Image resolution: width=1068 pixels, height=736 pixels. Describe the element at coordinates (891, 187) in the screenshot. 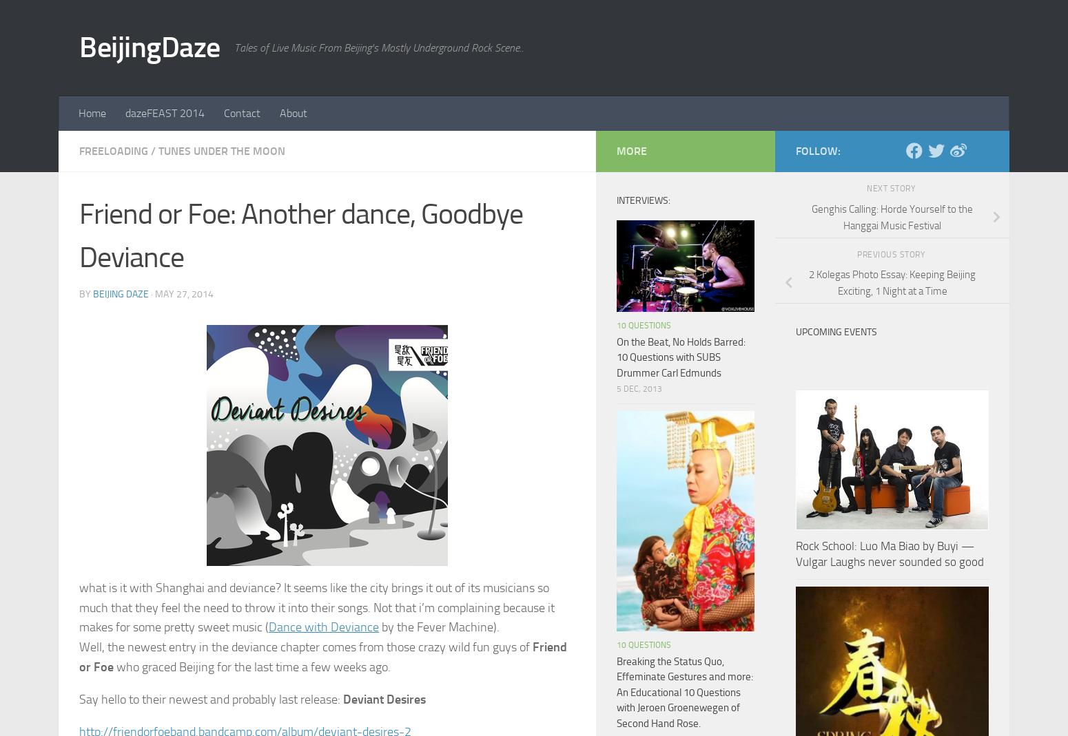

I see `'Next story'` at that location.